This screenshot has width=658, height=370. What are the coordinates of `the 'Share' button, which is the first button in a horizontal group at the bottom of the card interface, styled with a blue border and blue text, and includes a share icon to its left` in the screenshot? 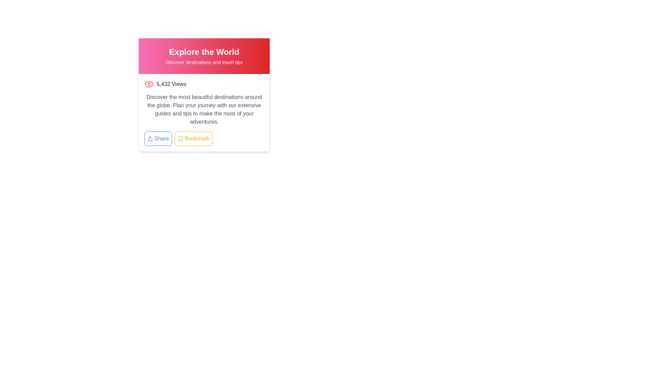 It's located at (158, 139).